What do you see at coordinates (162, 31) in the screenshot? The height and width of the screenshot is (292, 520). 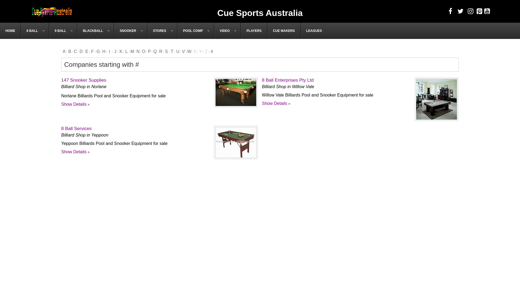 I see `'STORES'` at bounding box center [162, 31].